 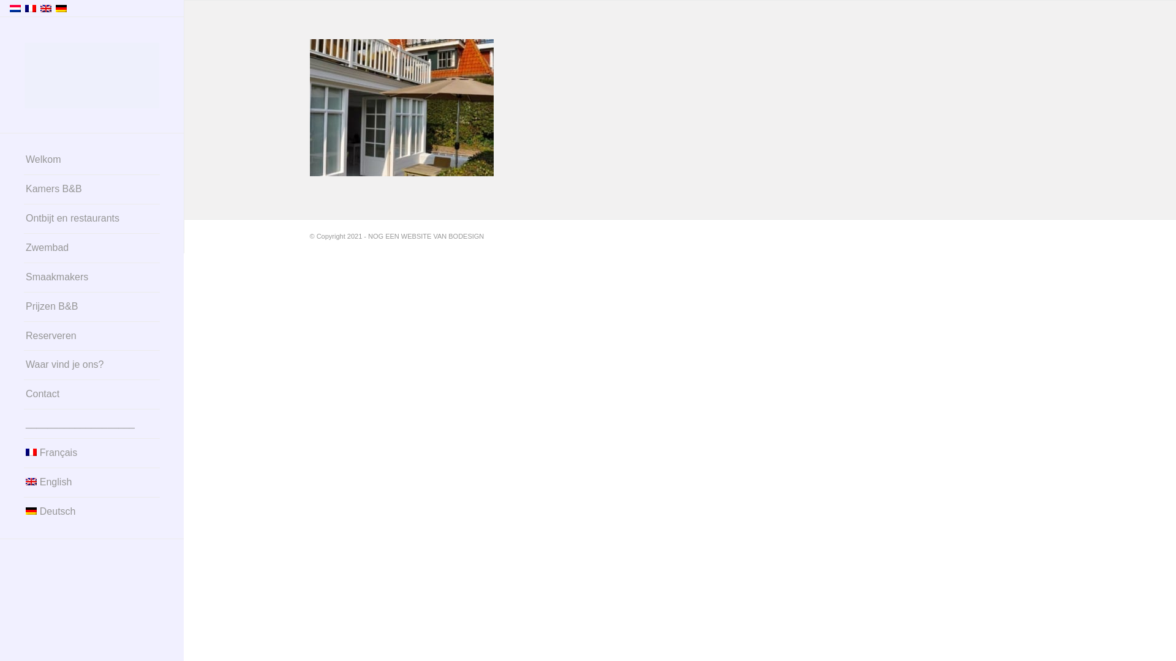 I want to click on 'Nederlands', so click(x=15, y=9).